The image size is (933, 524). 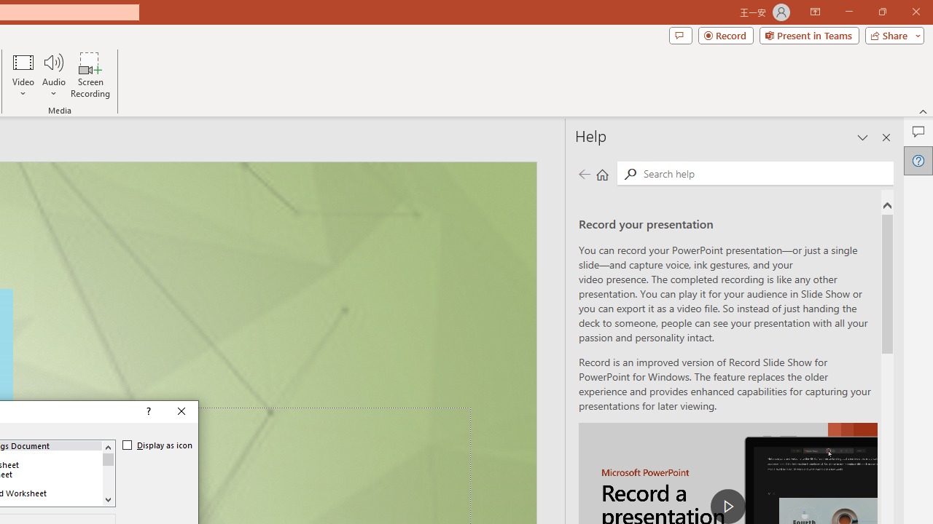 What do you see at coordinates (584, 173) in the screenshot?
I see `'Previous page'` at bounding box center [584, 173].